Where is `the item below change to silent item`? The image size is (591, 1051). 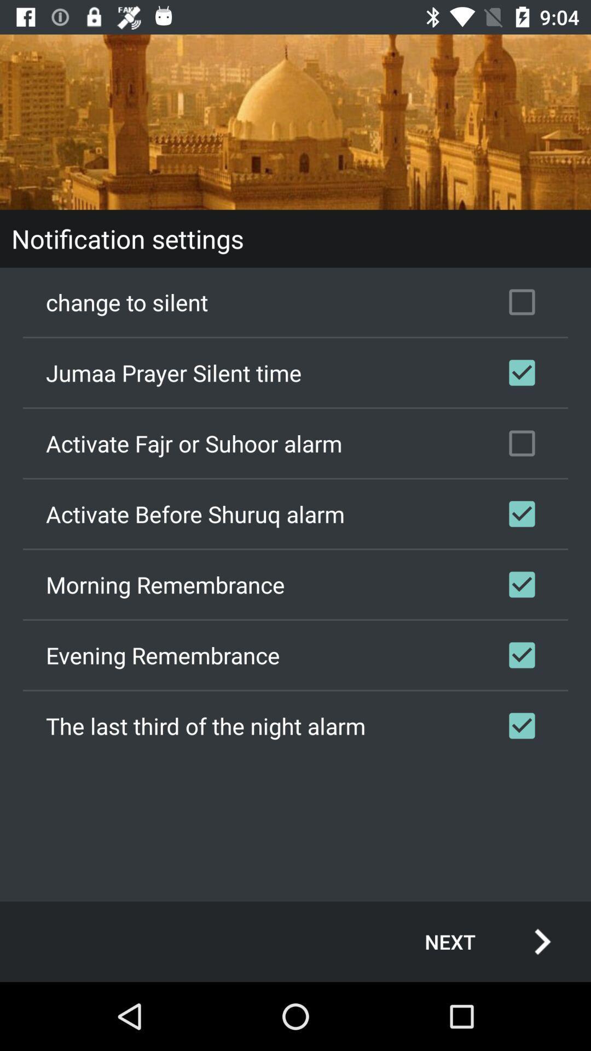 the item below change to silent item is located at coordinates (296, 373).